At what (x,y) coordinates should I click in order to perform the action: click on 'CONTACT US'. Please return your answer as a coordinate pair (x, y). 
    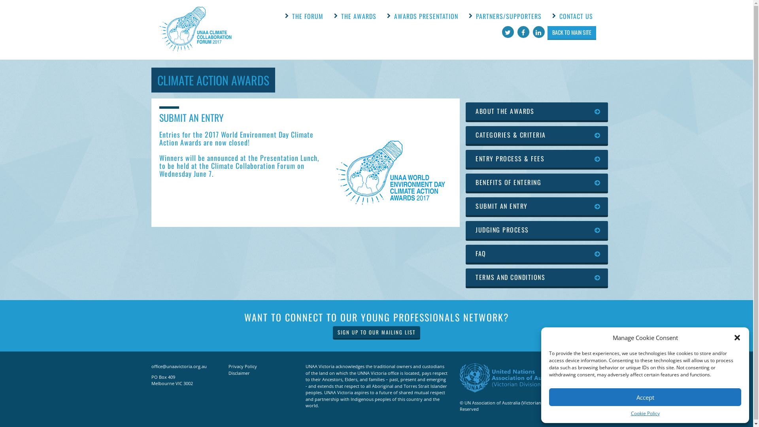
    Looking at the image, I should click on (576, 16).